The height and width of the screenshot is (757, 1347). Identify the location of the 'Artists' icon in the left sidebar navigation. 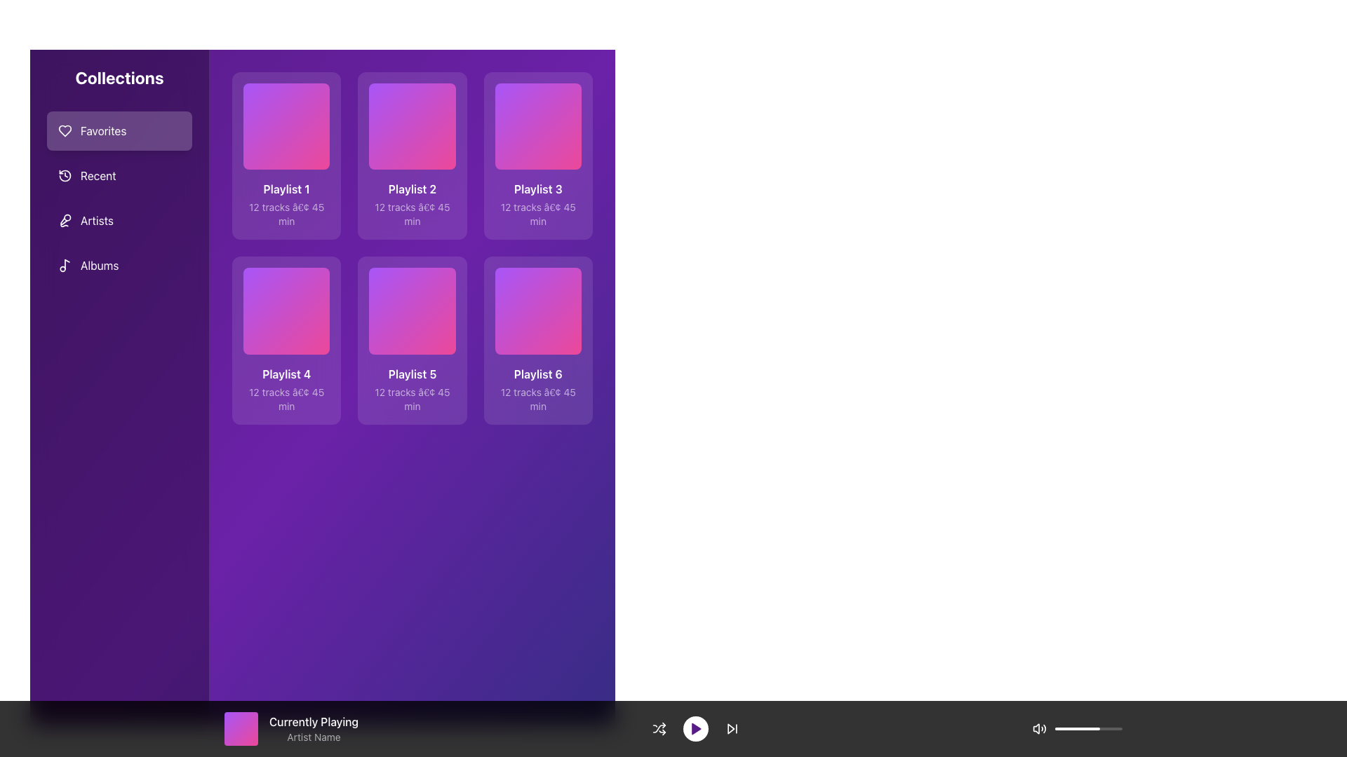
(64, 221).